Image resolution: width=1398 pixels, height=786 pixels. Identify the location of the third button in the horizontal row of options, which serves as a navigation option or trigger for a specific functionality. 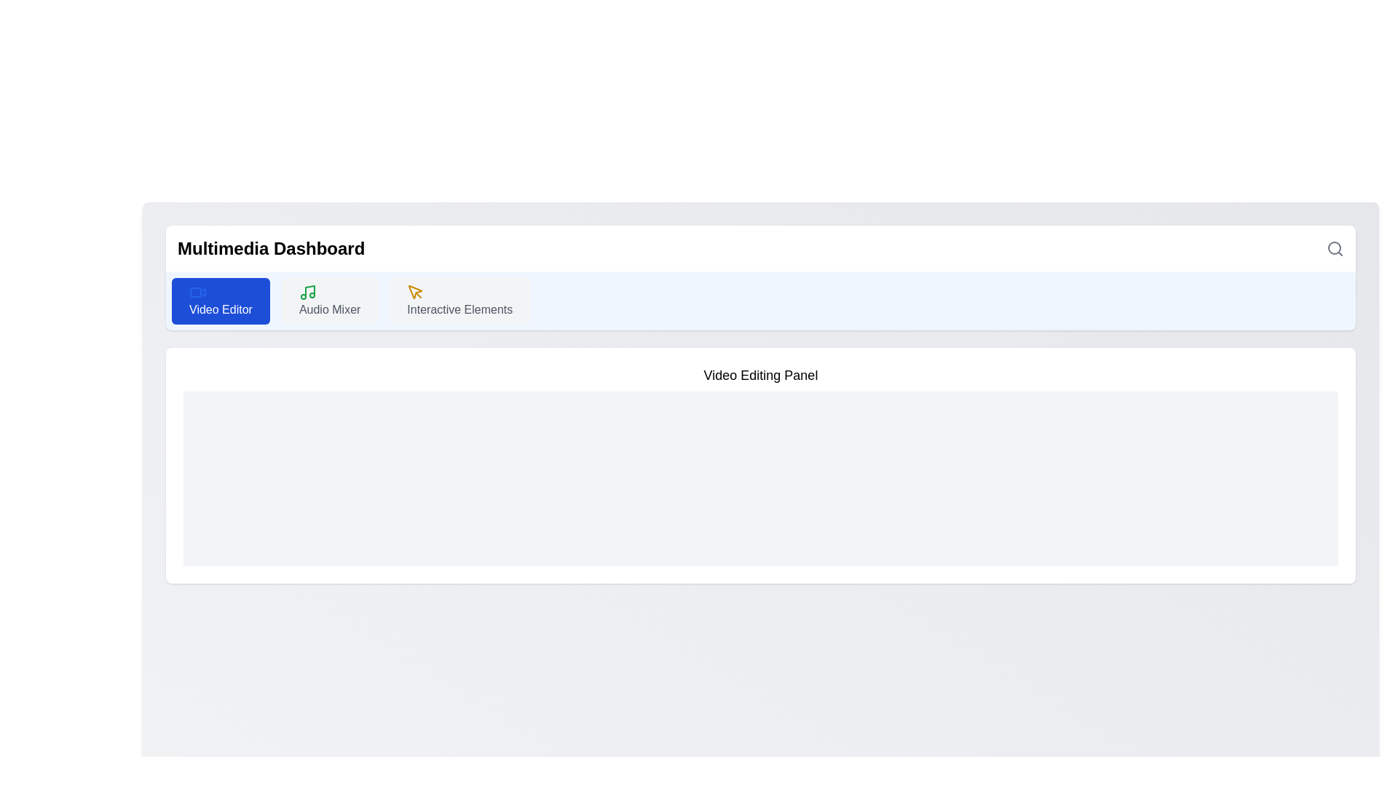
(459, 300).